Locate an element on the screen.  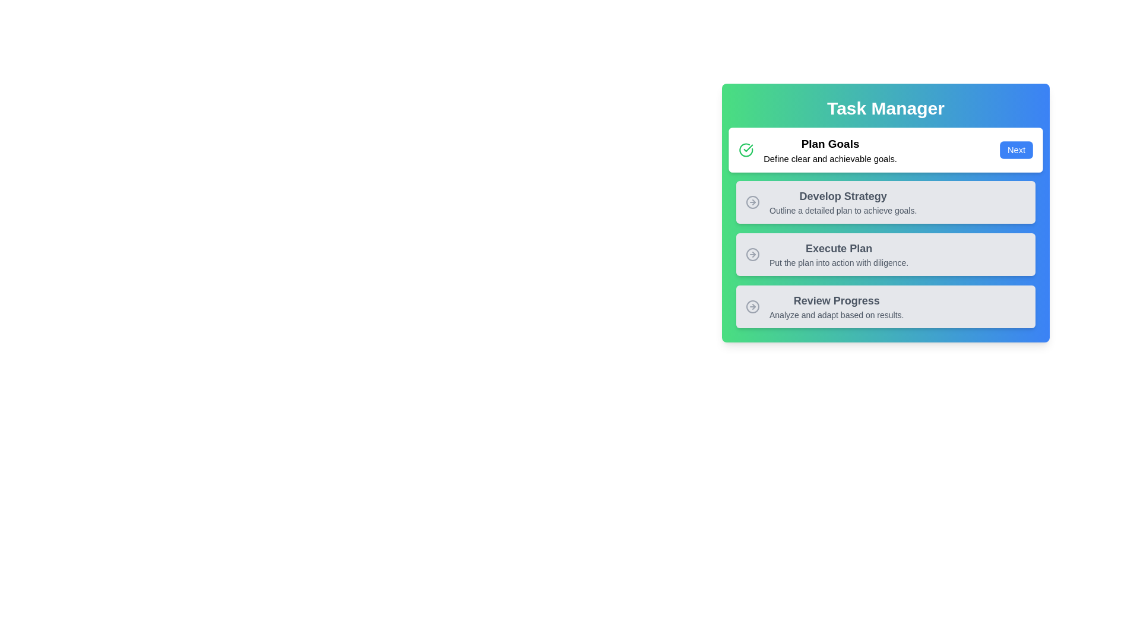
the text label providing details about the 'Plan Goals' task, located immediately below the 'Plan Goals' header in the Task Manager widget is located at coordinates (829, 158).